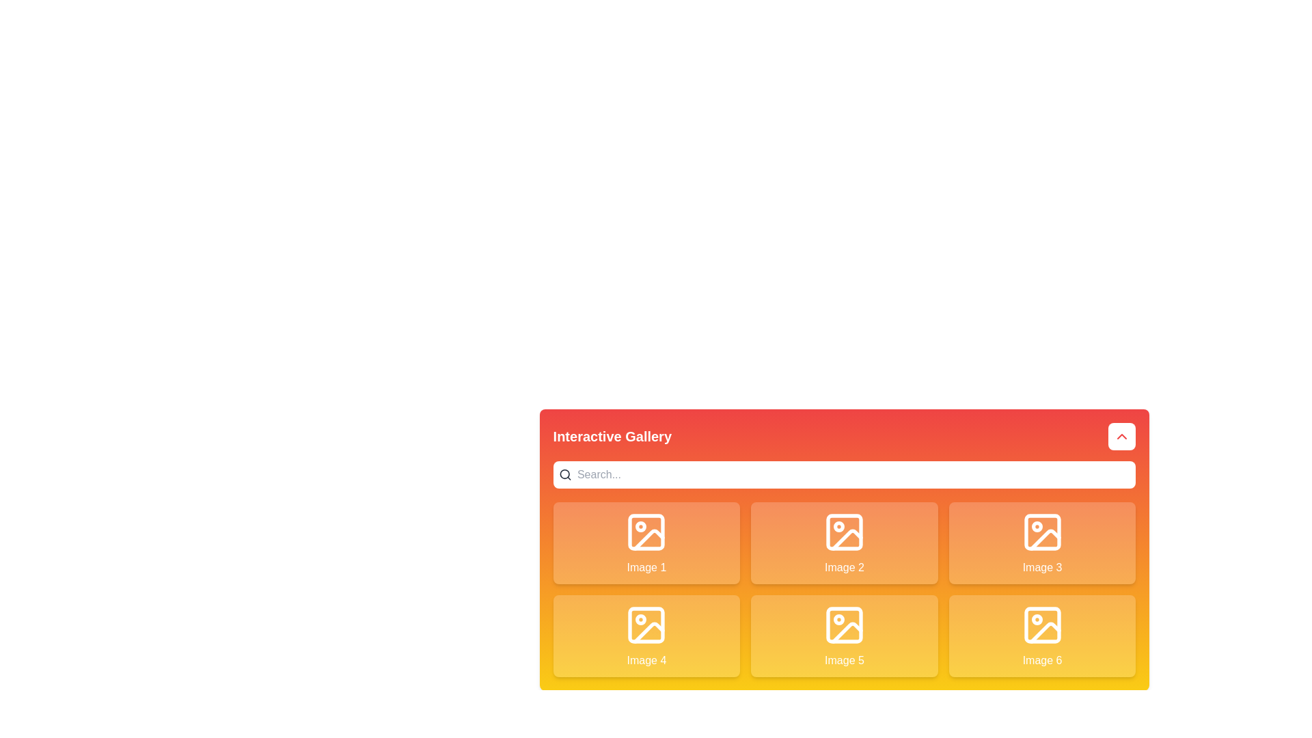 The image size is (1312, 738). Describe the element at coordinates (843, 549) in the screenshot. I see `the 'Image 2' card in the first row, second column of the 'Interactive Gallery'` at that location.